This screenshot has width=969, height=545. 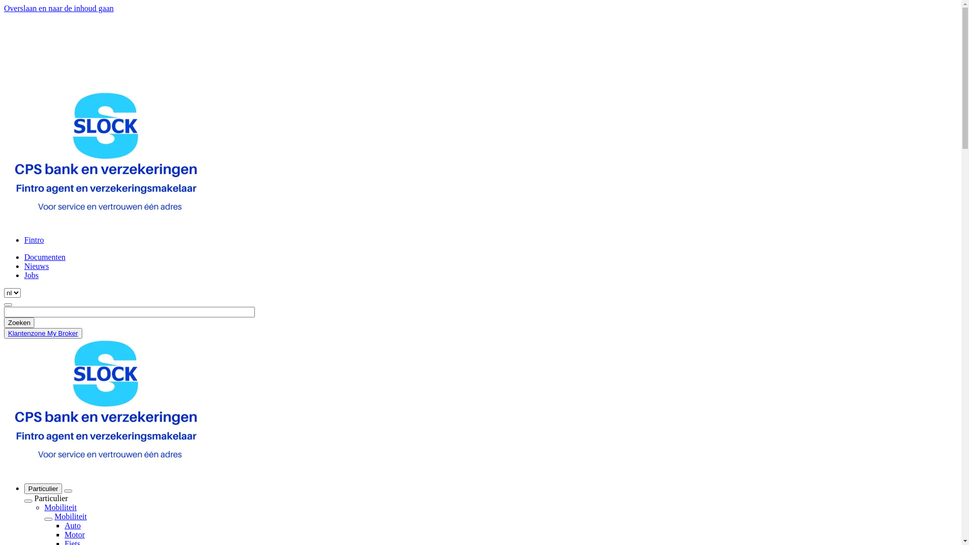 I want to click on 'Mobiliteit', so click(x=70, y=516).